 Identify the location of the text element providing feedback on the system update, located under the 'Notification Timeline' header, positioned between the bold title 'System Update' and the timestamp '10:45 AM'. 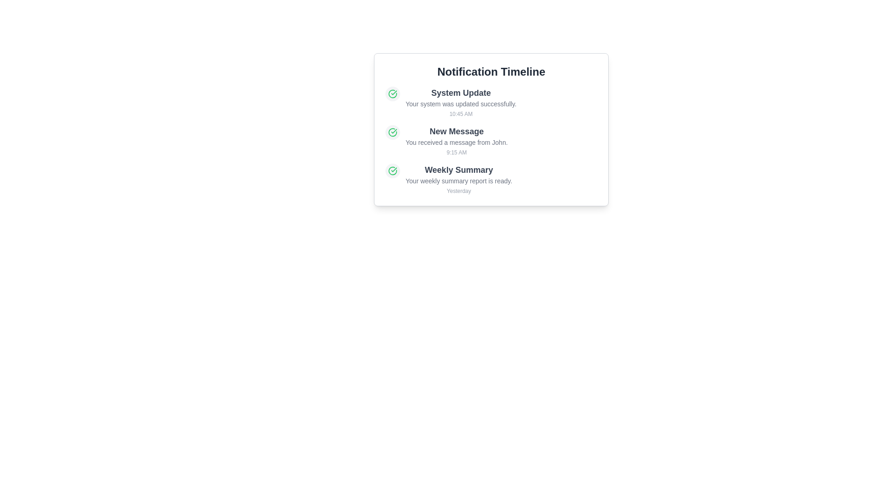
(461, 104).